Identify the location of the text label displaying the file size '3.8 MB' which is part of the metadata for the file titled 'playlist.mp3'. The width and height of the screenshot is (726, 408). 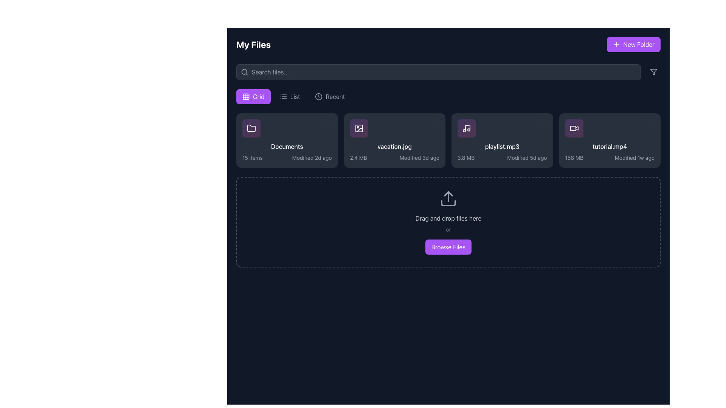
(465, 157).